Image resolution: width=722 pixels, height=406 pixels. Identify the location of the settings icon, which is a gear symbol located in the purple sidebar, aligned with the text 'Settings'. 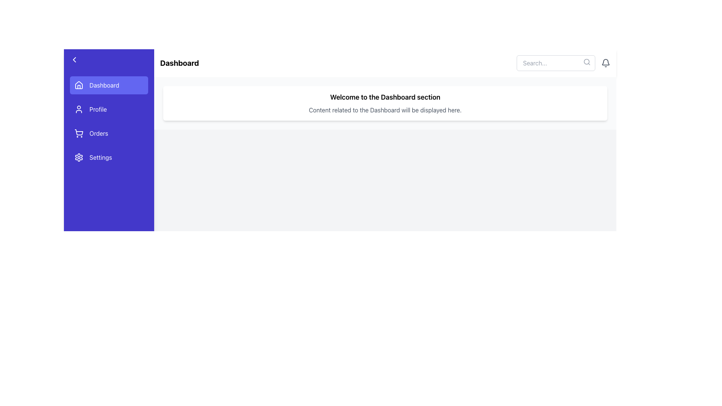
(79, 157).